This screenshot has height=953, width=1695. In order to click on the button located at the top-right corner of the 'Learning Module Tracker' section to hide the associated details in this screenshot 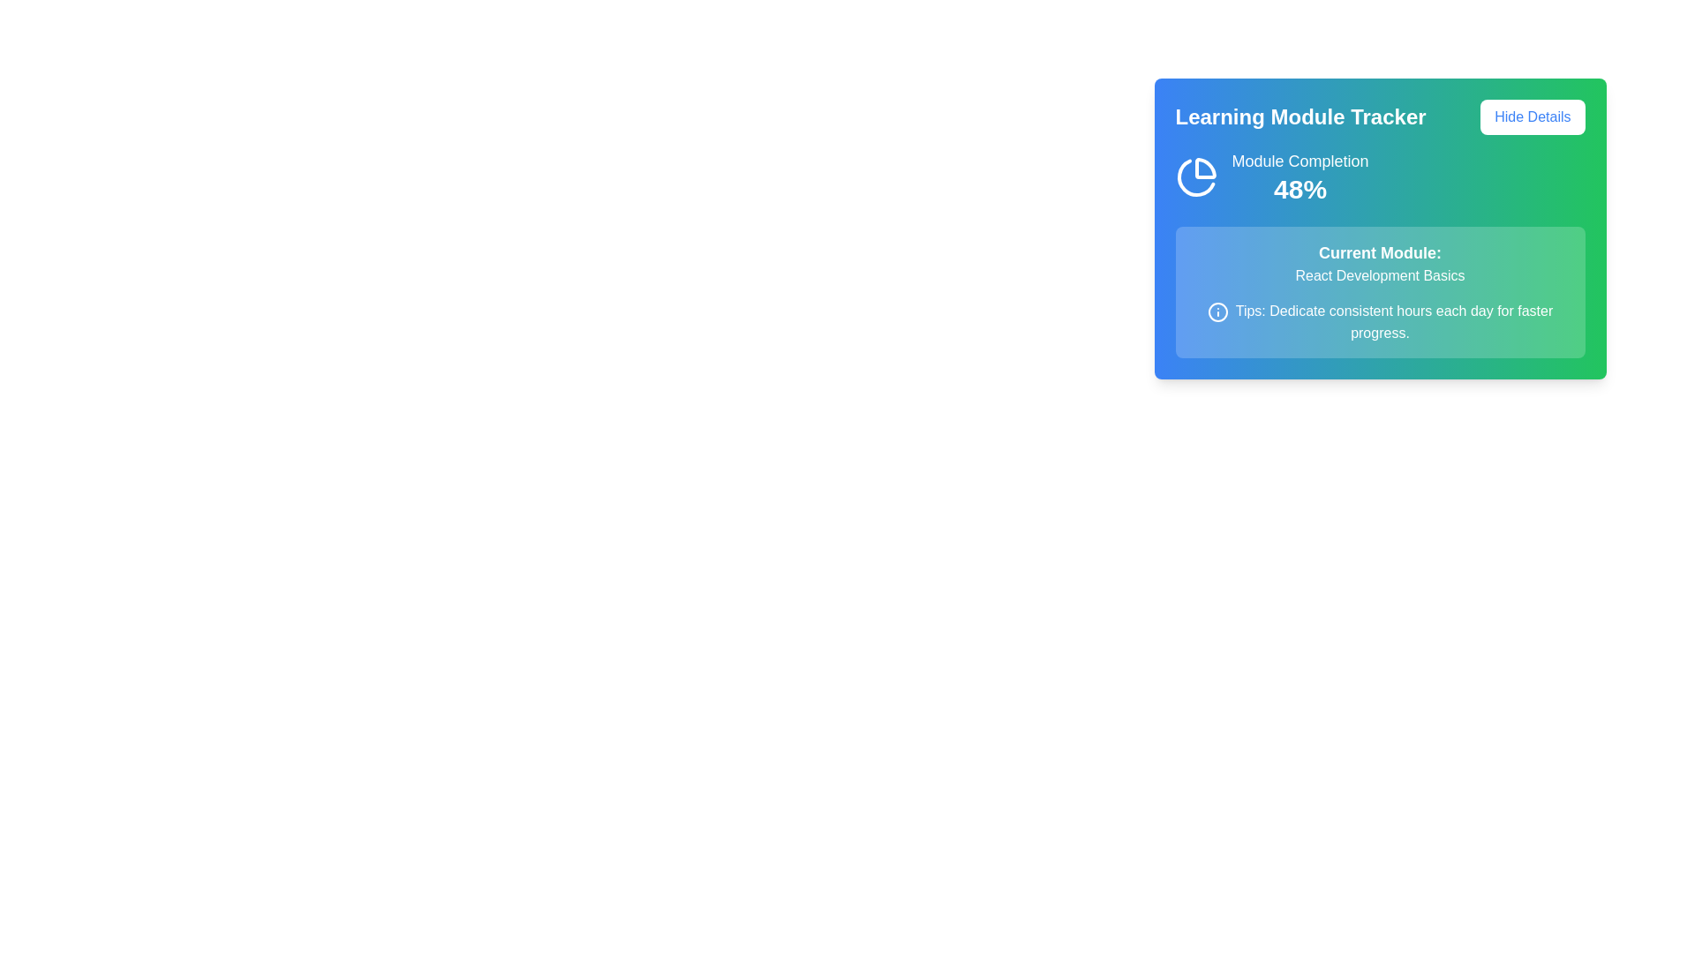, I will do `click(1532, 116)`.